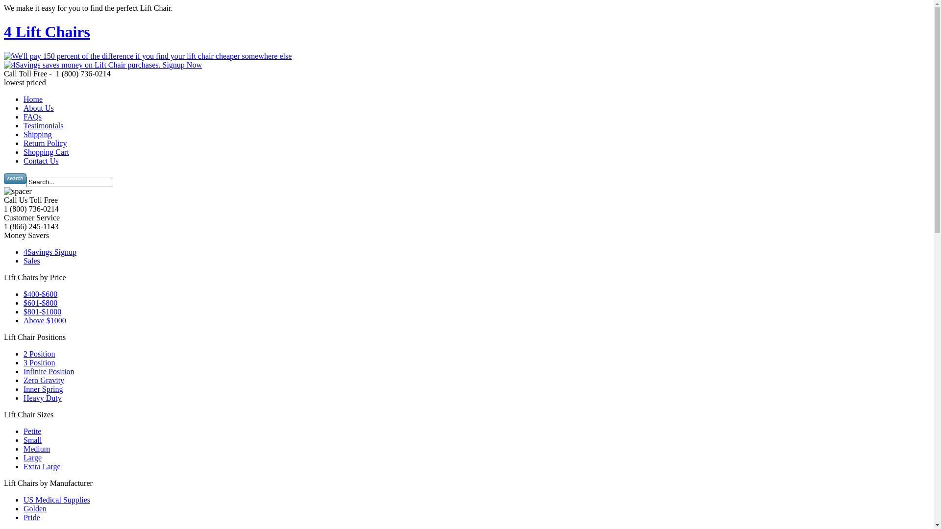  What do you see at coordinates (33, 99) in the screenshot?
I see `'Home'` at bounding box center [33, 99].